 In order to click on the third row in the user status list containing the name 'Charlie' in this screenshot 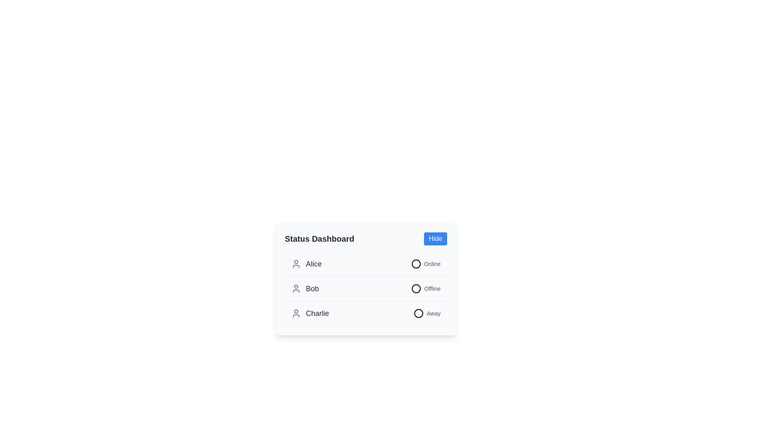, I will do `click(366, 313)`.